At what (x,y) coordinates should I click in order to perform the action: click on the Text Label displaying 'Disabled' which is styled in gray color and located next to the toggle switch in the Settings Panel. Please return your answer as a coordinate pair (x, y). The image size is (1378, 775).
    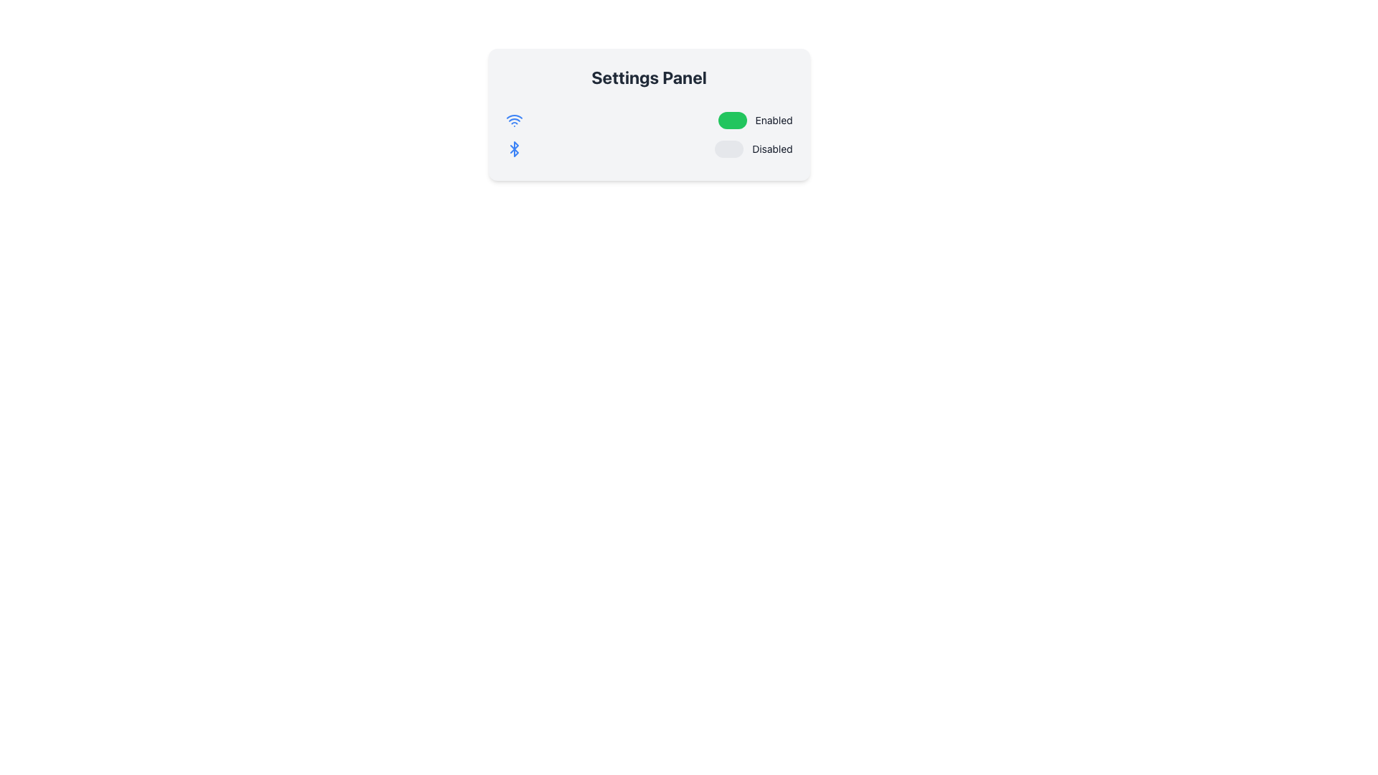
    Looking at the image, I should click on (772, 149).